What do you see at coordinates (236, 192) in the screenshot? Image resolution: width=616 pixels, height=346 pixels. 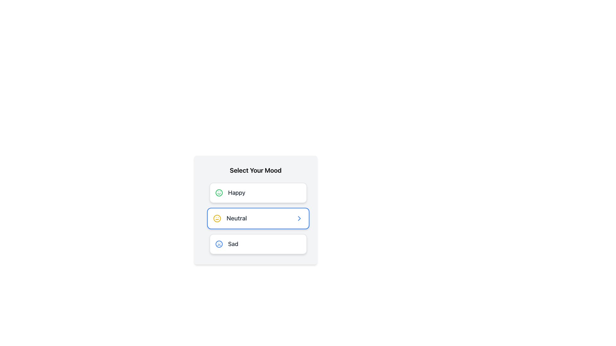 I see `the 'Happy' text label, which is displayed in a bold font and is positioned to the right of a green smiley face icon within a rounded white rectangular box` at bounding box center [236, 192].